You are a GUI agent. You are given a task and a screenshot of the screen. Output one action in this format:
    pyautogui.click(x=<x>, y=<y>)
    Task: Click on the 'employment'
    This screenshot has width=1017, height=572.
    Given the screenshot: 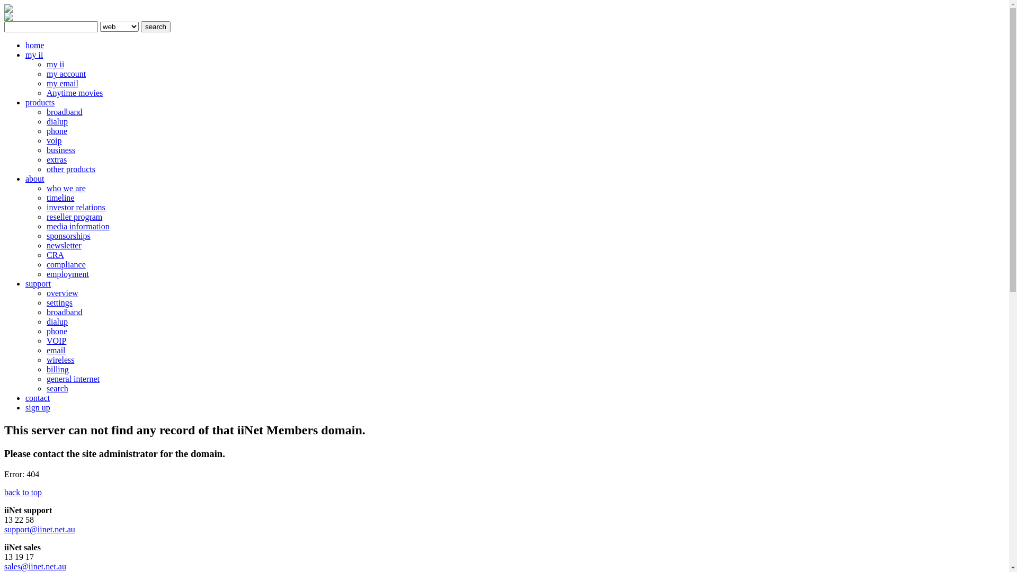 What is the action you would take?
    pyautogui.click(x=46, y=273)
    